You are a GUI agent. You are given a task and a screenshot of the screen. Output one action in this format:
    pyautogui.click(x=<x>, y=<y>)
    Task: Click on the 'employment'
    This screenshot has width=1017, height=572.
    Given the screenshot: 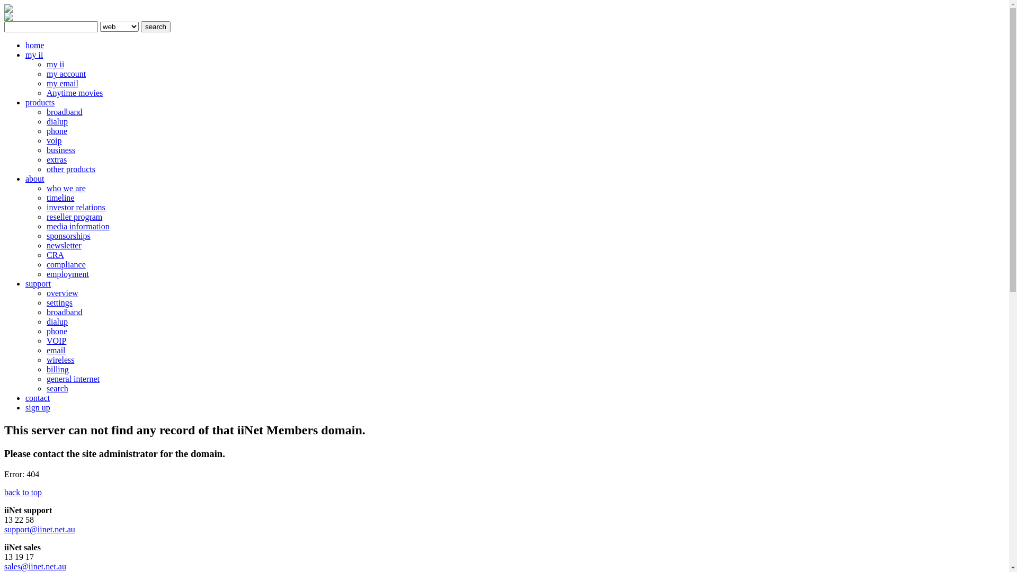 What is the action you would take?
    pyautogui.click(x=46, y=273)
    